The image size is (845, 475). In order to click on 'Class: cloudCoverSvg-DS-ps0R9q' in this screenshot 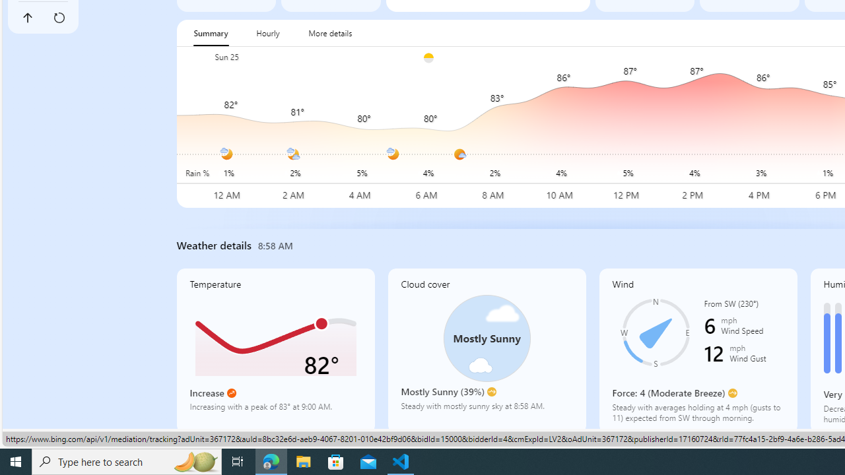, I will do `click(486, 338)`.